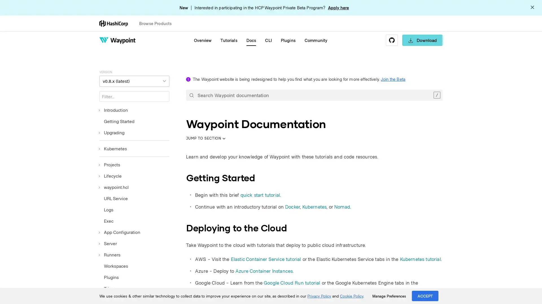  What do you see at coordinates (113, 110) in the screenshot?
I see `Introduction` at bounding box center [113, 110].